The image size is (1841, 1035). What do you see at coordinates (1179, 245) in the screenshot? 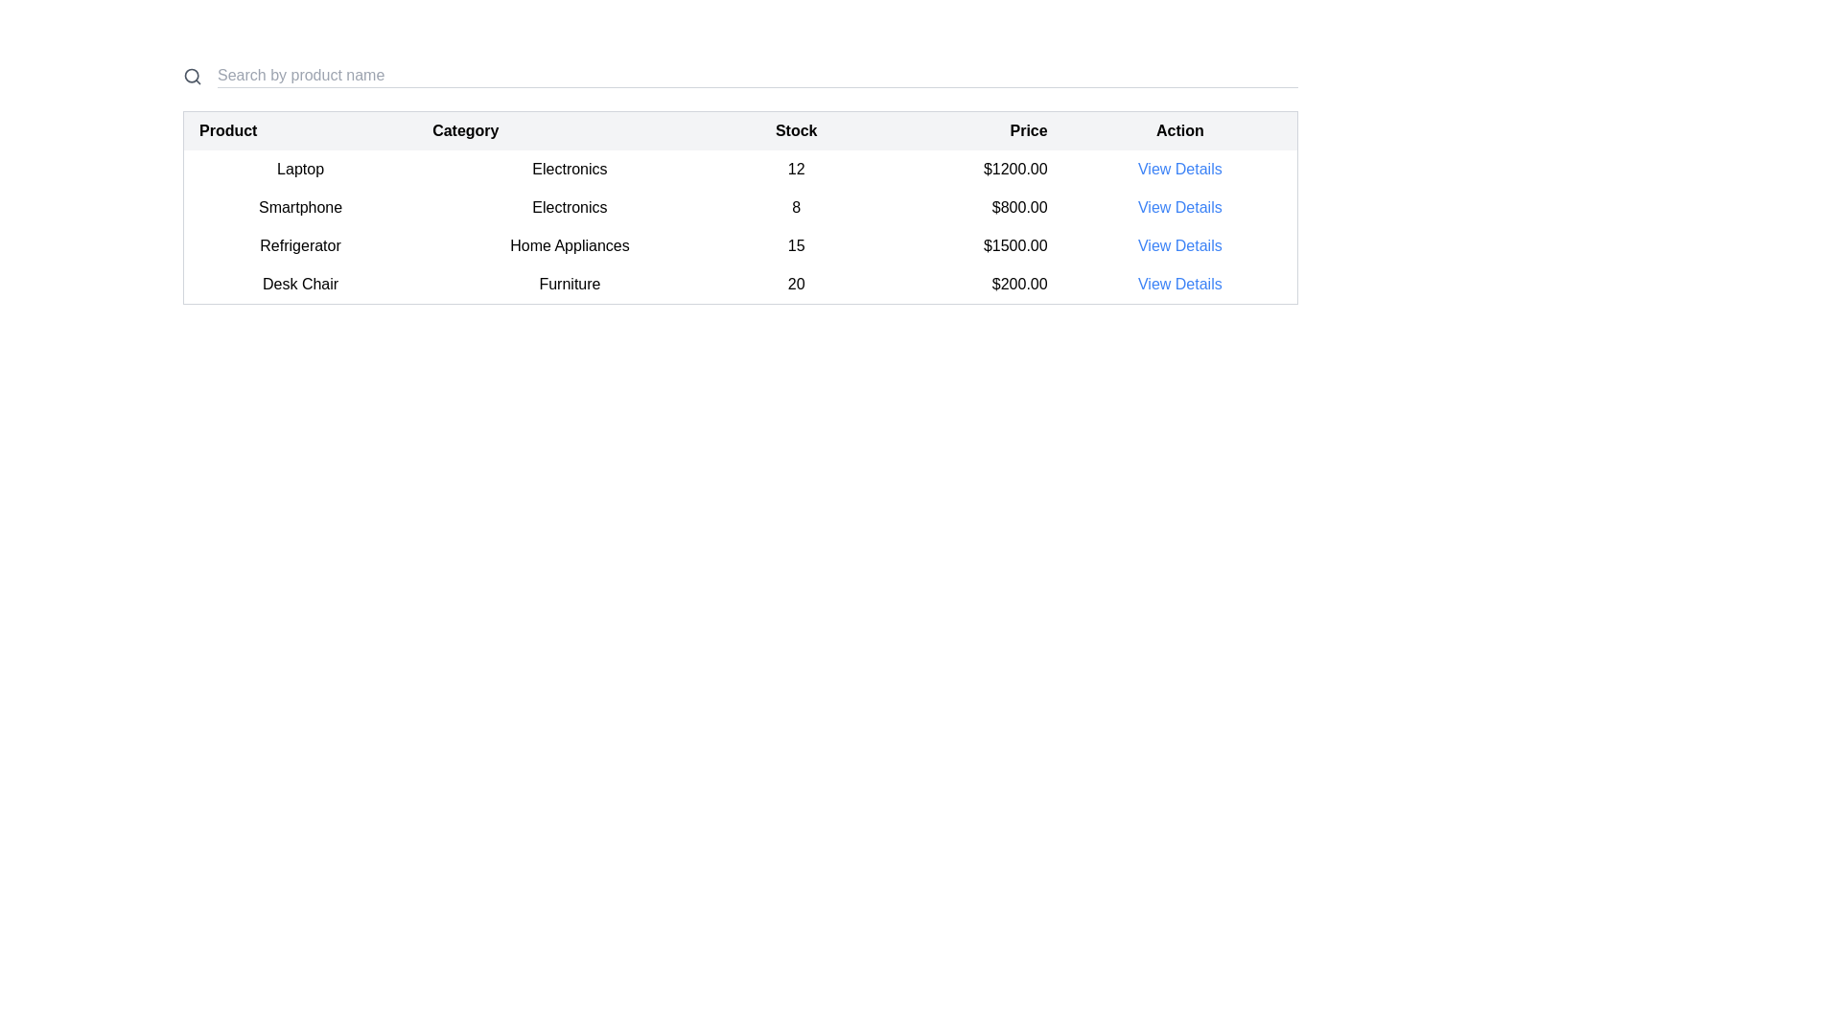
I see `the hyperlink labeled 'View Details' in the 'Action' column of the table corresponding to the 'Refrigerator' product to change the text color indicating interactivity` at bounding box center [1179, 245].